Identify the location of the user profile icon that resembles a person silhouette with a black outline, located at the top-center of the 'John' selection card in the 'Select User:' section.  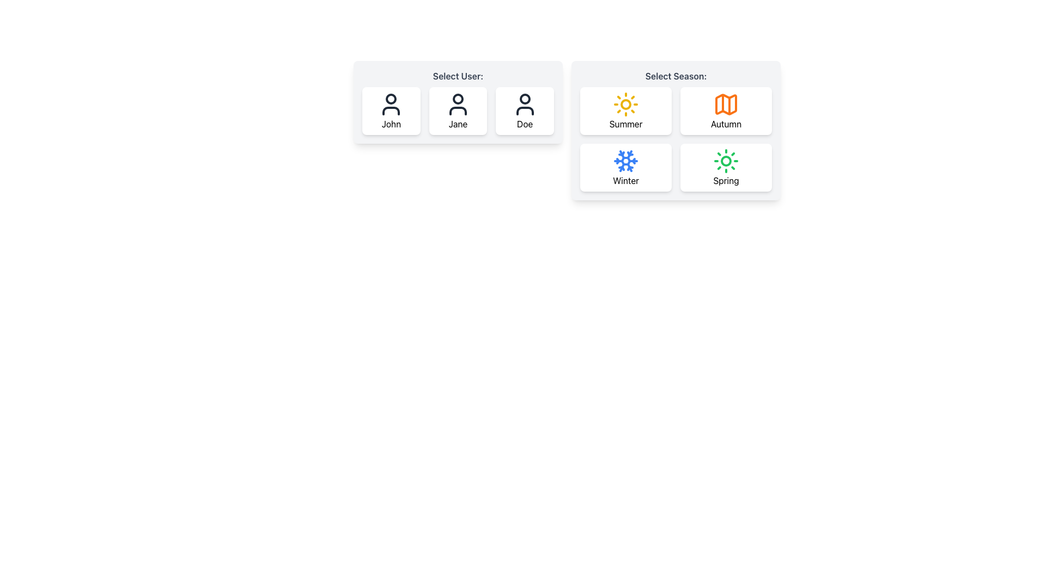
(391, 105).